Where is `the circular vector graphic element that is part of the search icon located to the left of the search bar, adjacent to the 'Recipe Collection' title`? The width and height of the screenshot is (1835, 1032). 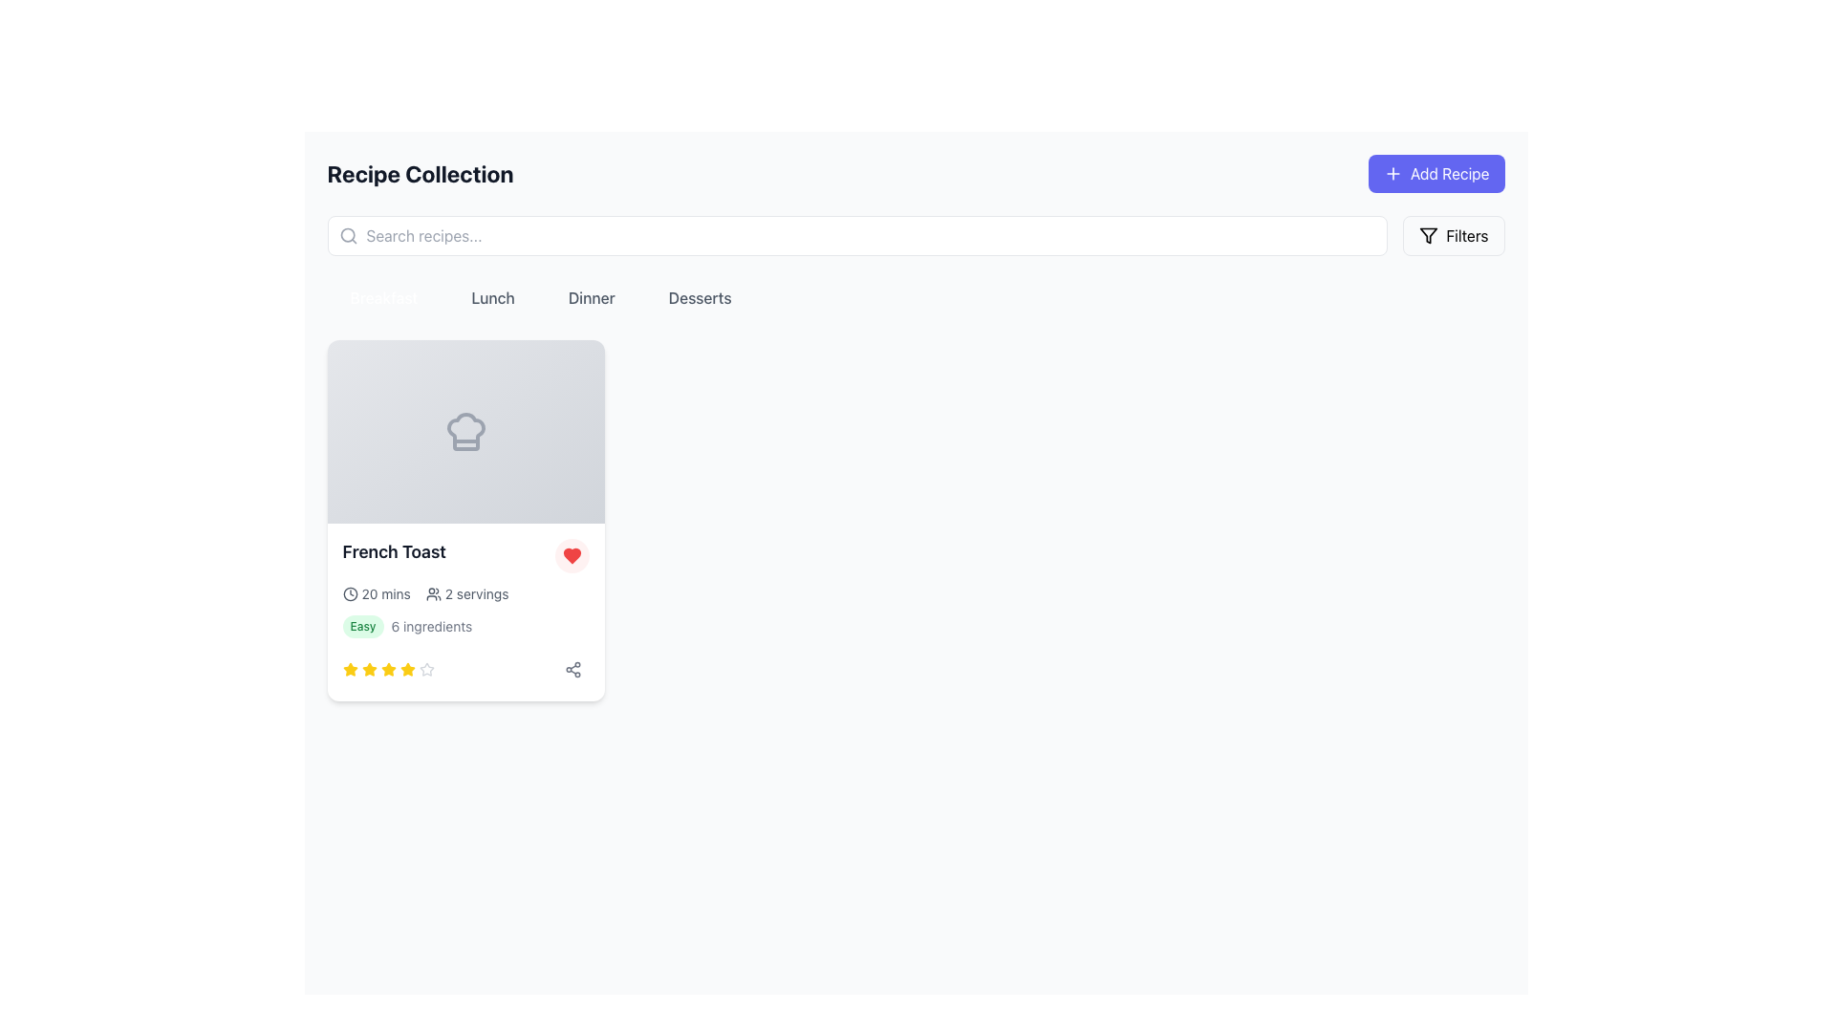
the circular vector graphic element that is part of the search icon located to the left of the search bar, adjacent to the 'Recipe Collection' title is located at coordinates (347, 234).